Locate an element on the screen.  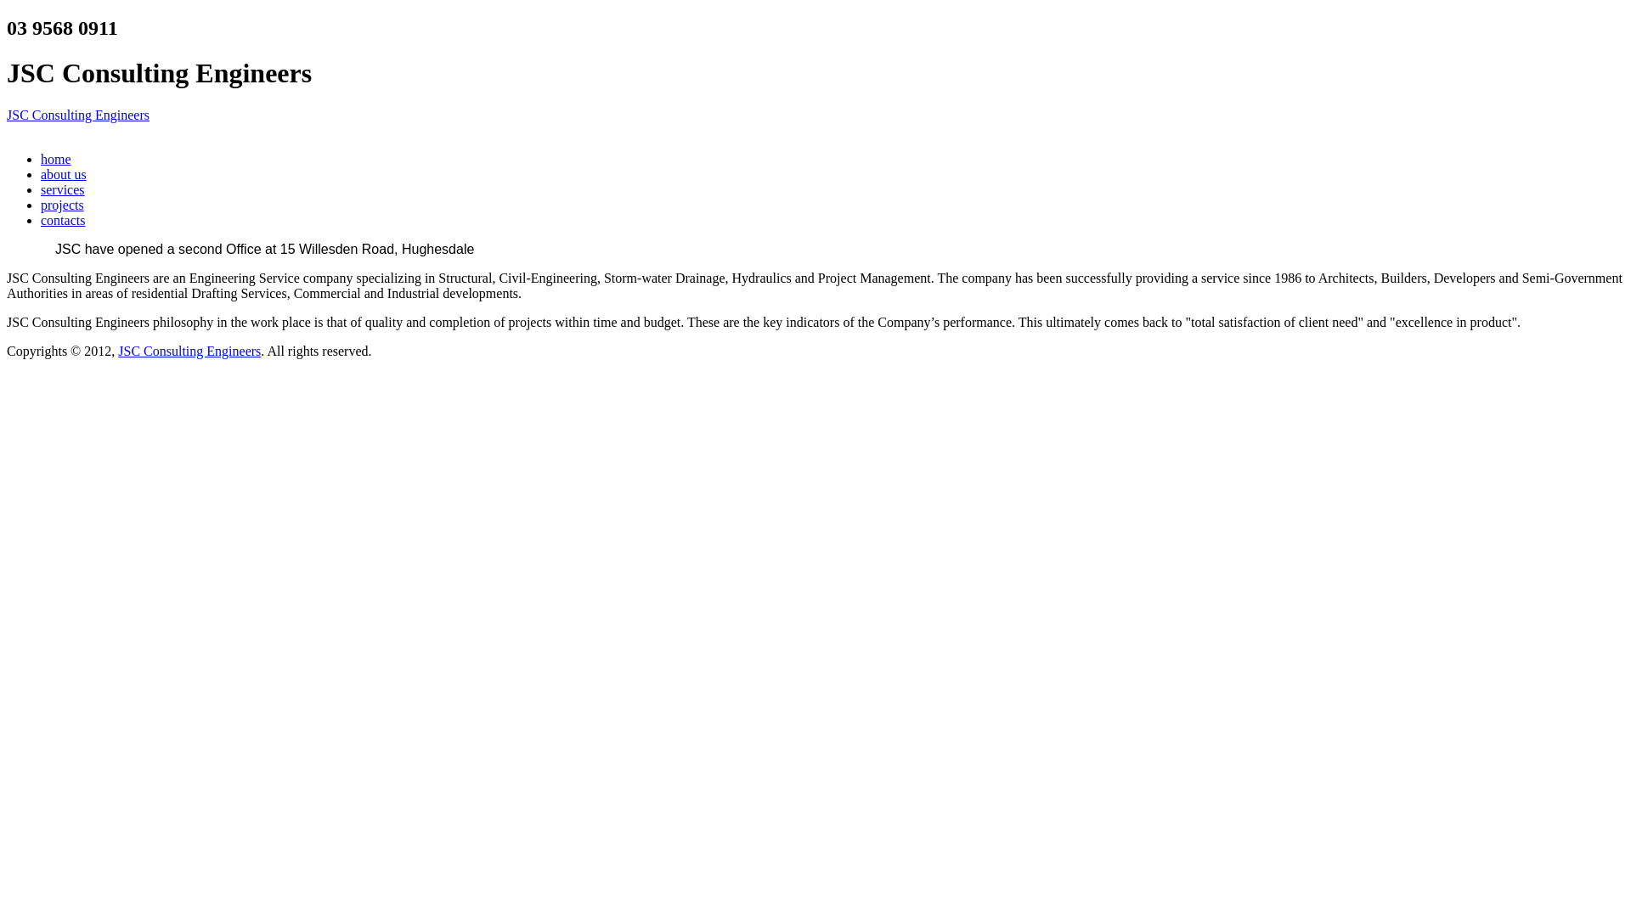
'home' is located at coordinates (56, 159).